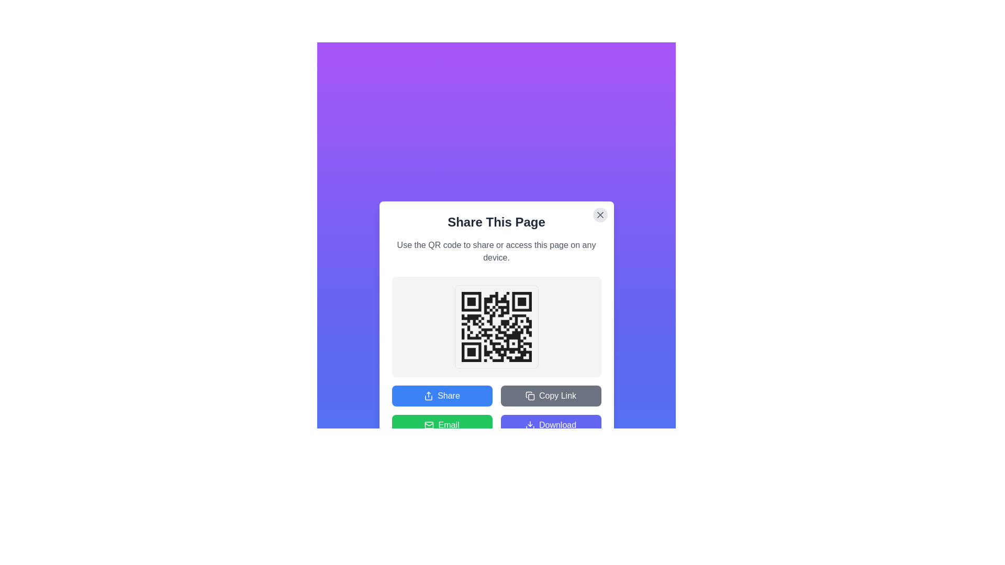 The width and height of the screenshot is (1005, 565). Describe the element at coordinates (429, 395) in the screenshot. I see `the share icon located inside the 'Share' button at the lower left part of the modal window` at that location.